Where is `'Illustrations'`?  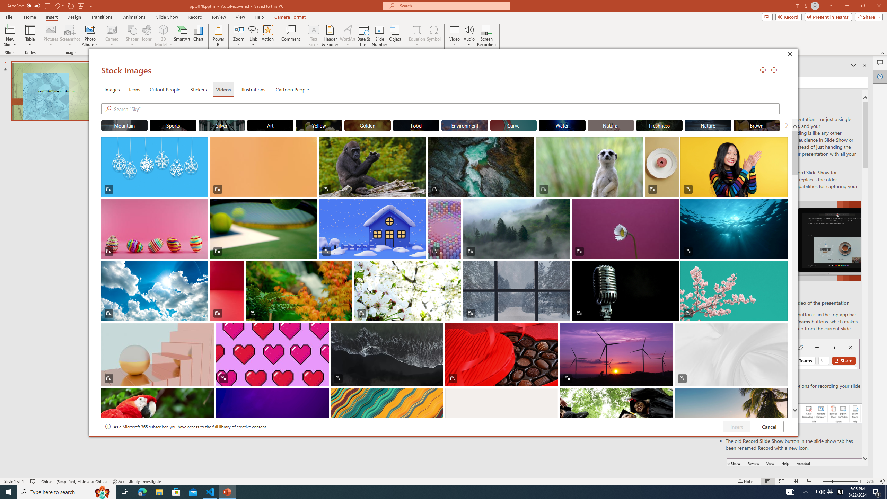
'Illustrations' is located at coordinates (253, 89).